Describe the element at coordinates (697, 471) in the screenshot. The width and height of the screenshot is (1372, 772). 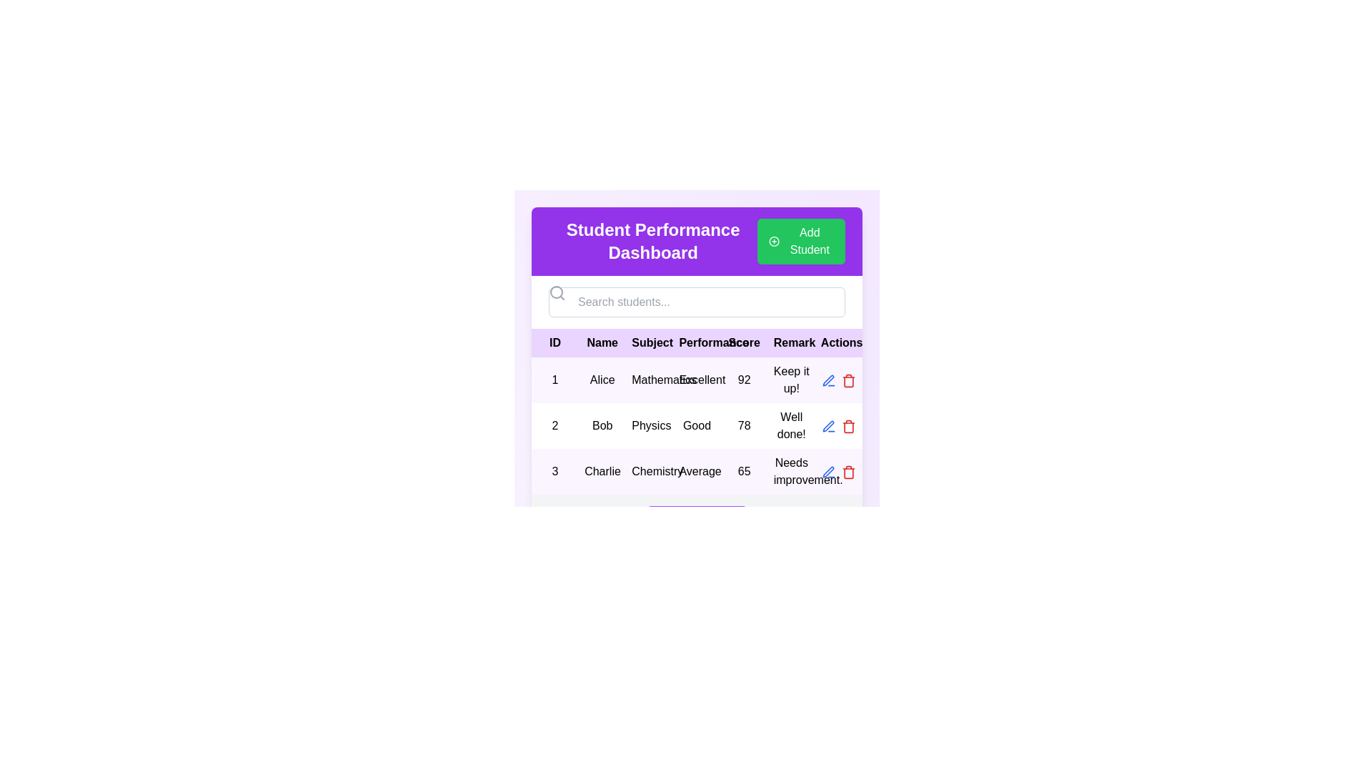
I see `the table row displaying performance data for Charlie in Chemistry` at that location.